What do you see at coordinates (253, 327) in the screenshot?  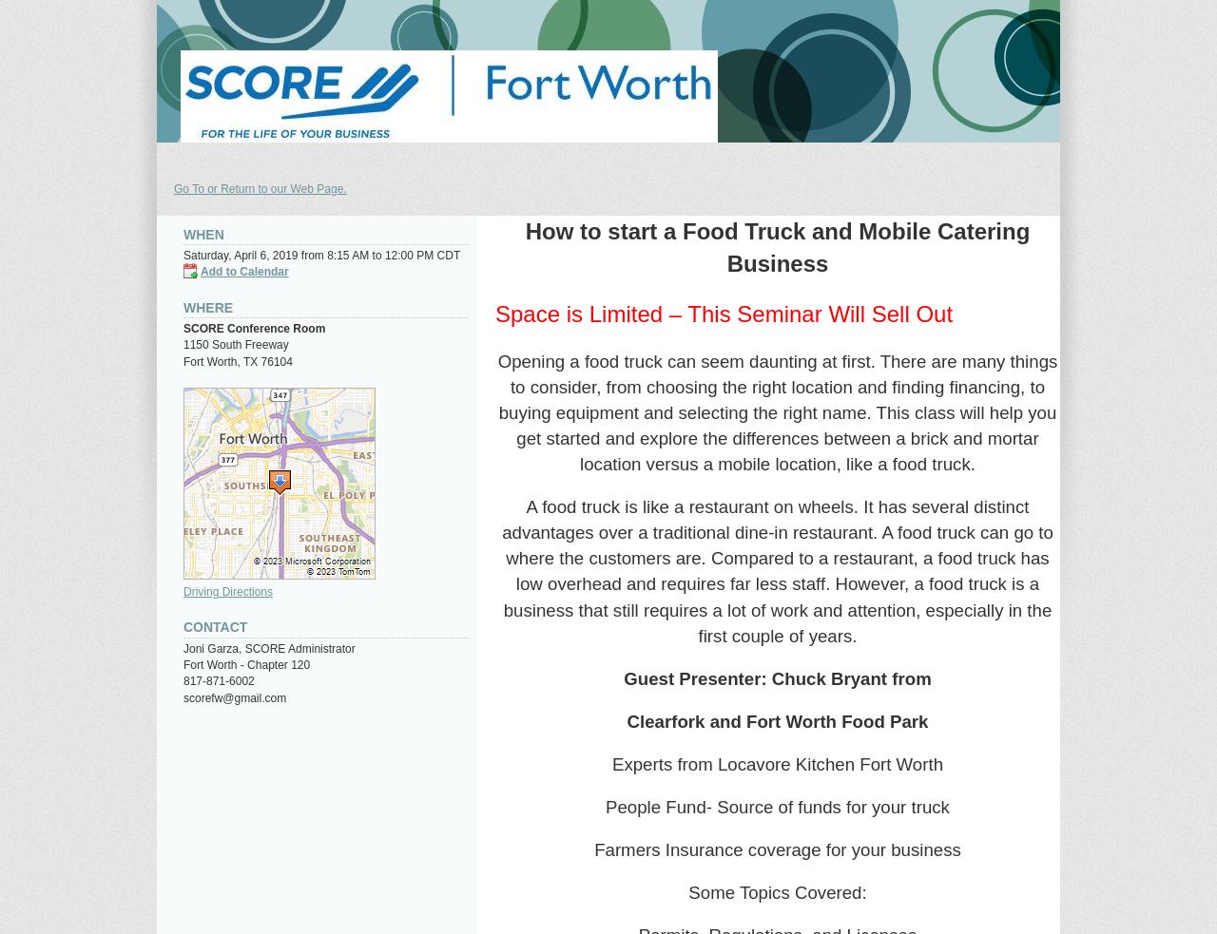 I see `'SCORE Conference Room'` at bounding box center [253, 327].